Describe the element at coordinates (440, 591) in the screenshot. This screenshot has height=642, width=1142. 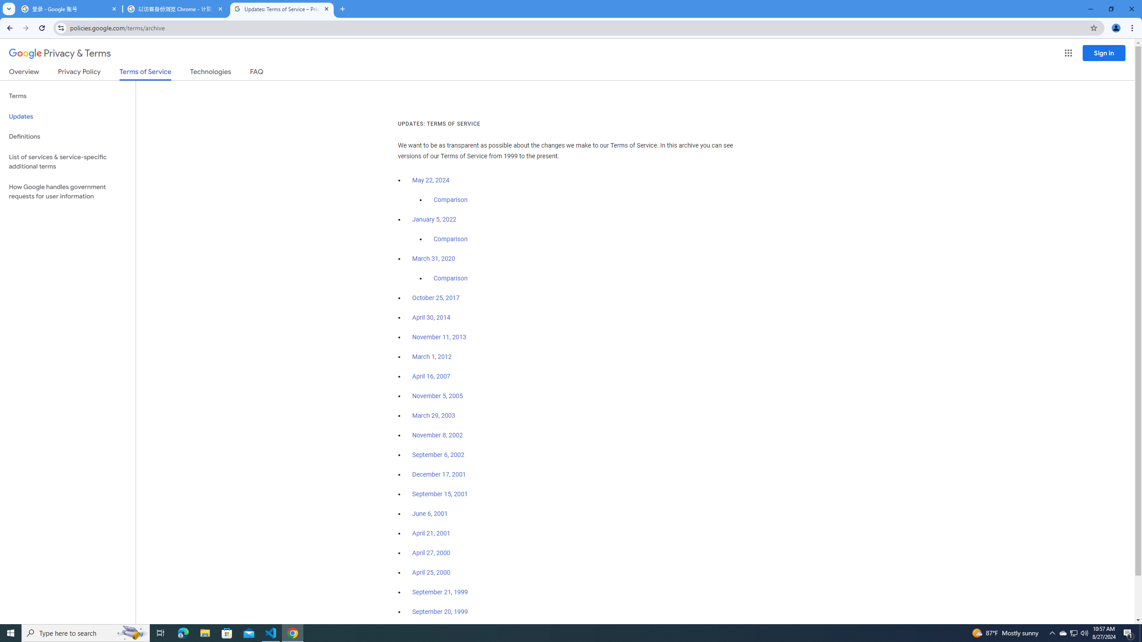
I see `'September 21, 1999'` at that location.